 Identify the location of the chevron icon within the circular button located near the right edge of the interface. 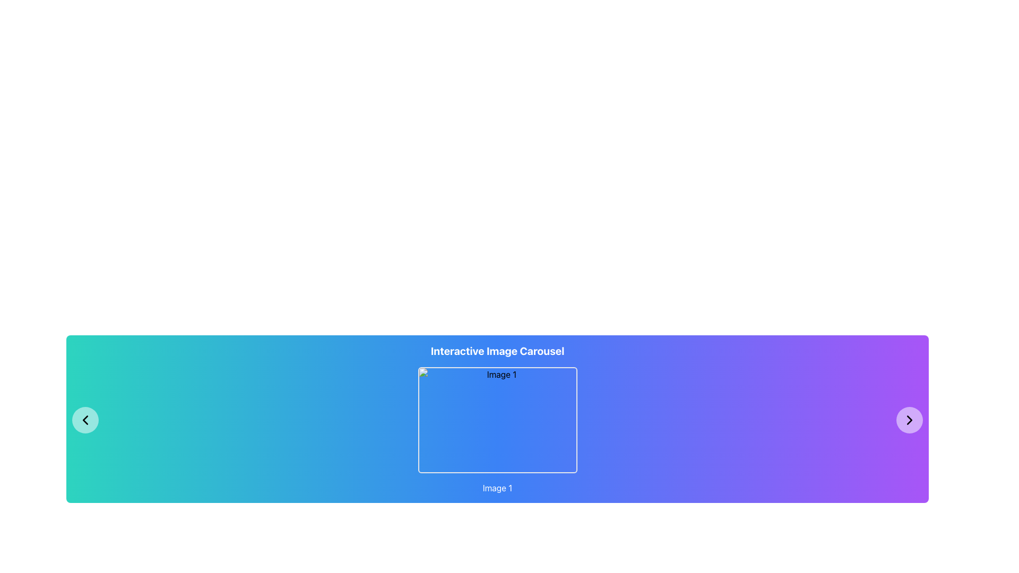
(909, 419).